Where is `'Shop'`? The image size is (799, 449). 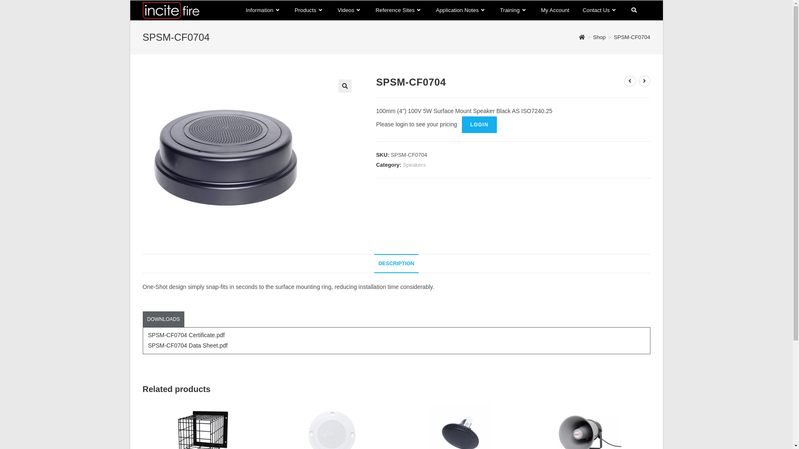
'Shop' is located at coordinates (599, 37).